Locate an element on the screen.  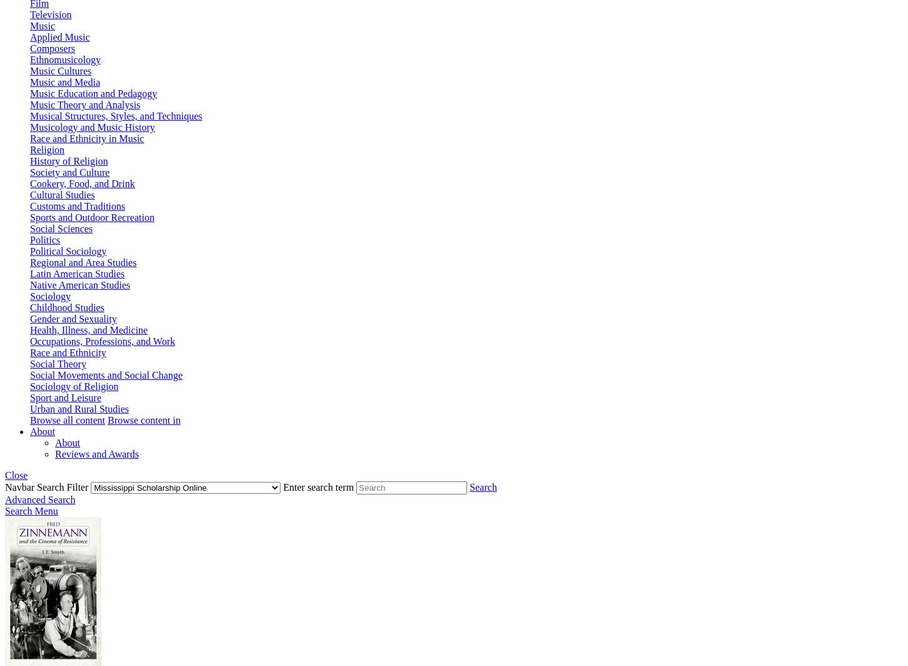
'Enter search term' is located at coordinates (319, 487).